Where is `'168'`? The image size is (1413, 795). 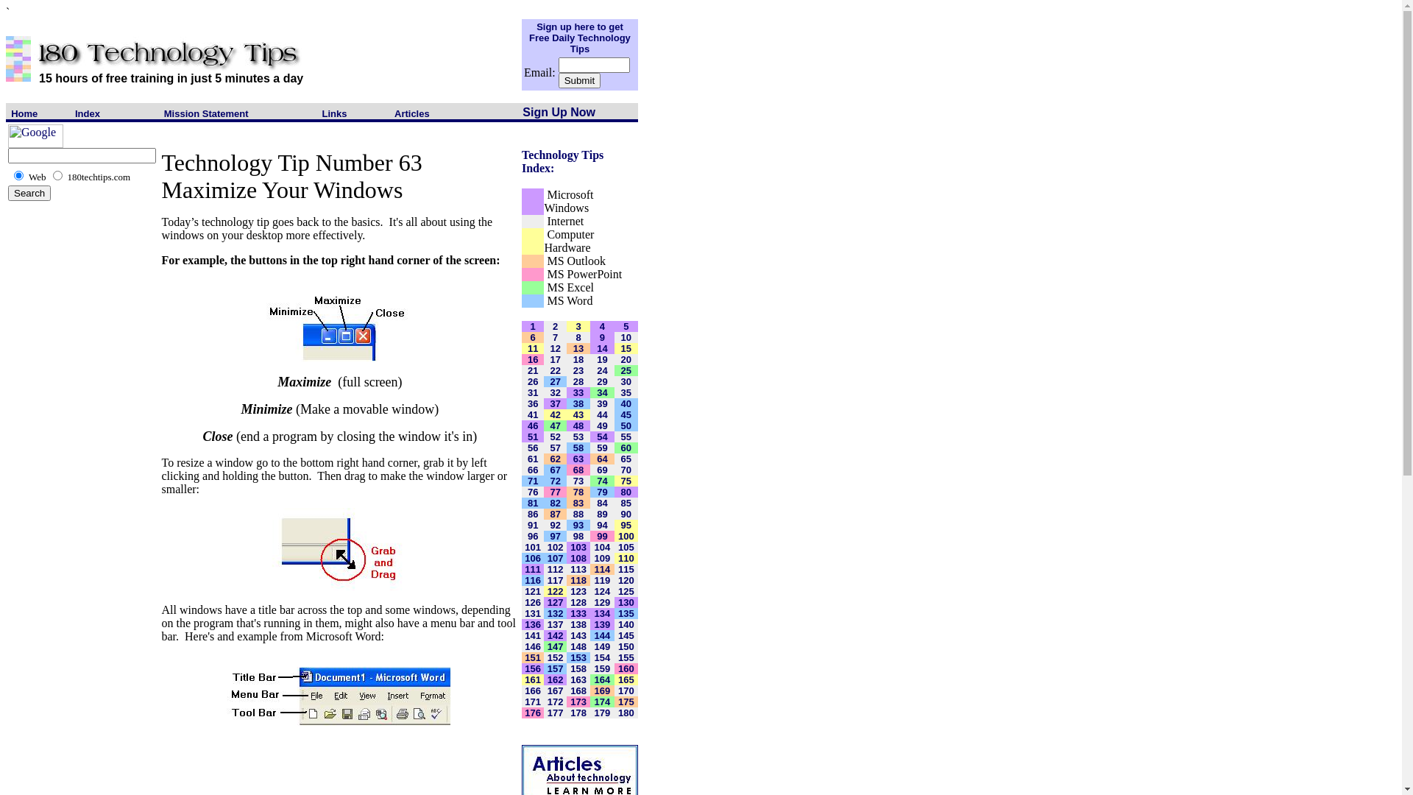
'168' is located at coordinates (578, 690).